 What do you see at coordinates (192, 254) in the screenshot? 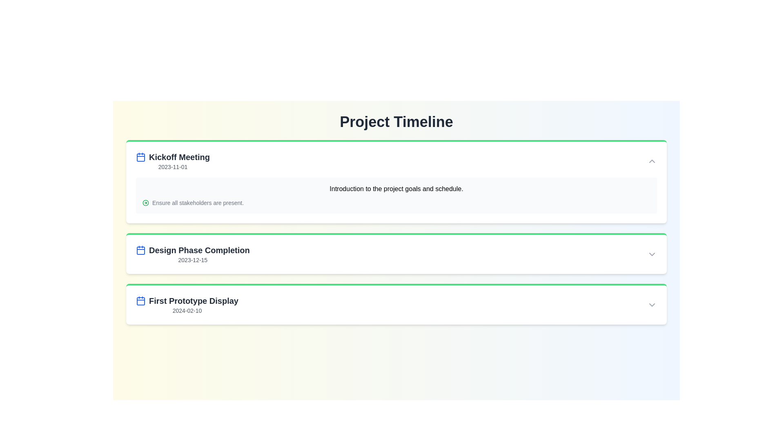
I see `the text label displaying 'Design Phase Completion' with end date '2023-12-15', located in the second card under 'Project Timeline'` at bounding box center [192, 254].